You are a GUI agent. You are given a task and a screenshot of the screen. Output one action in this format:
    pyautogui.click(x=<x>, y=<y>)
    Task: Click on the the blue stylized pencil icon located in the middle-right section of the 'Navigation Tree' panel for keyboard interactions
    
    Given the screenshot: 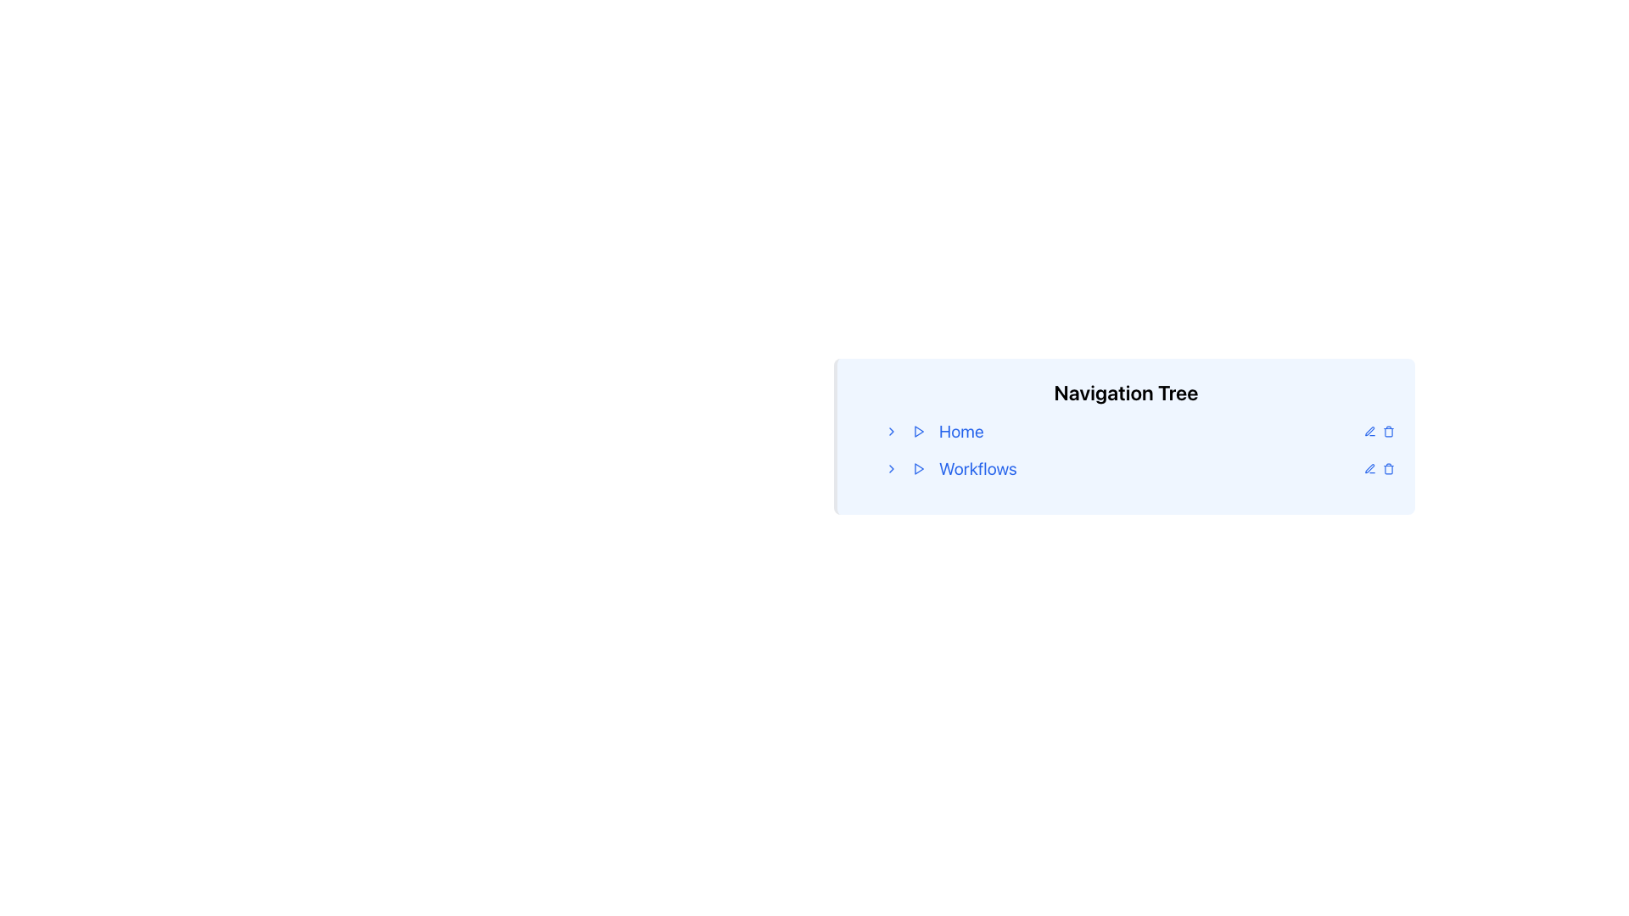 What is the action you would take?
    pyautogui.click(x=1369, y=431)
    